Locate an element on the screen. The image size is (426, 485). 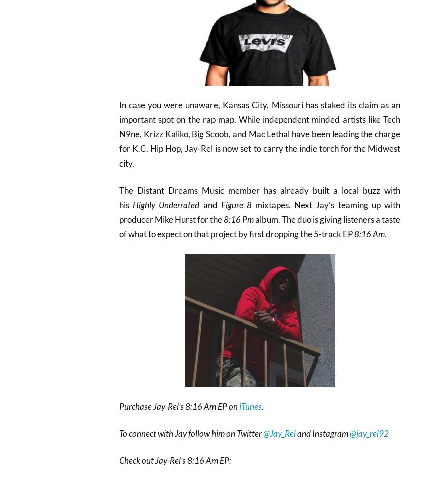
'Jay_Rel' is located at coordinates (269, 433).